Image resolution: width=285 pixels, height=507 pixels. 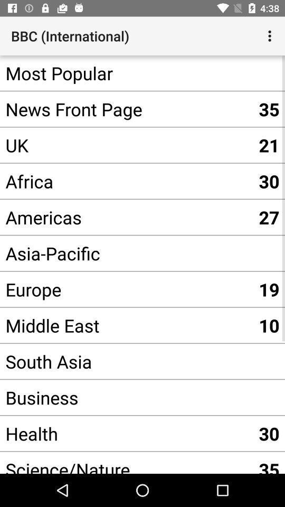 I want to click on the americas app, so click(x=126, y=217).